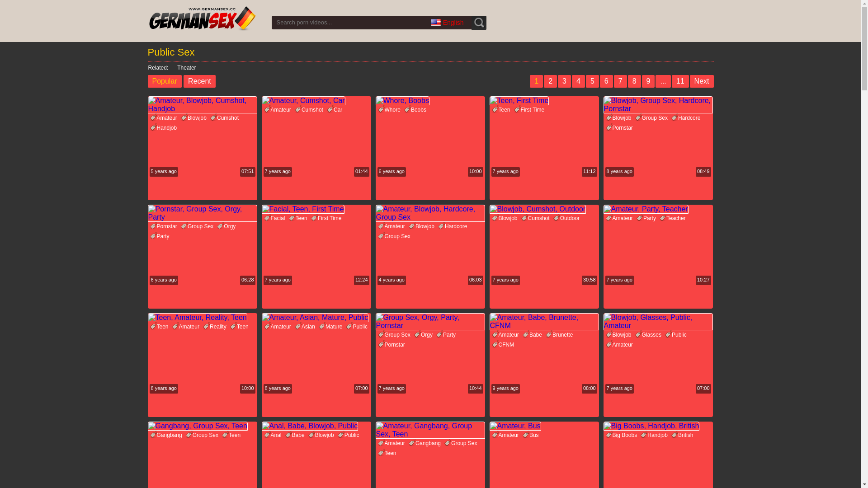 The height and width of the screenshot is (488, 868). Describe the element at coordinates (488, 426) in the screenshot. I see `'Amateur, Bus'` at that location.